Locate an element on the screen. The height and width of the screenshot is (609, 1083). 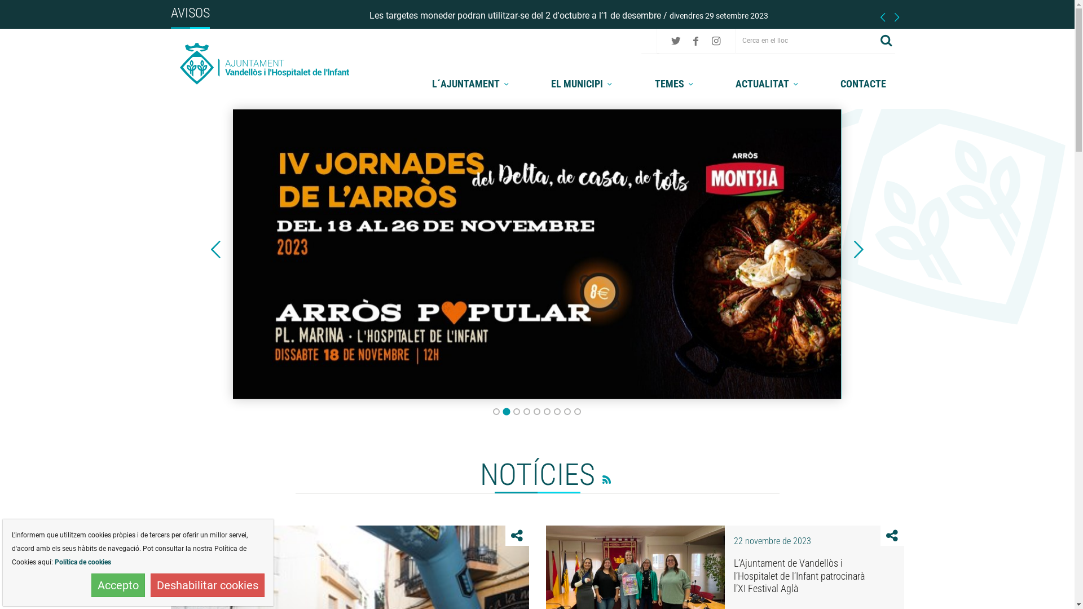
'2' is located at coordinates (505, 411).